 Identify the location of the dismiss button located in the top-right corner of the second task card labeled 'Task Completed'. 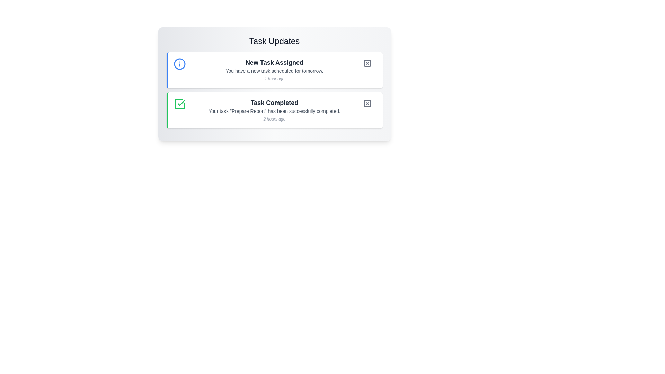
(367, 104).